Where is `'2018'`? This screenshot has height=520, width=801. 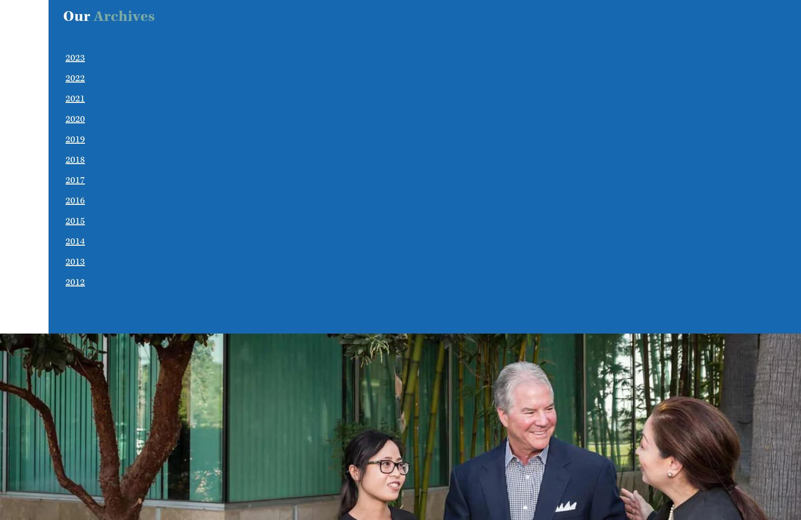 '2018' is located at coordinates (75, 159).